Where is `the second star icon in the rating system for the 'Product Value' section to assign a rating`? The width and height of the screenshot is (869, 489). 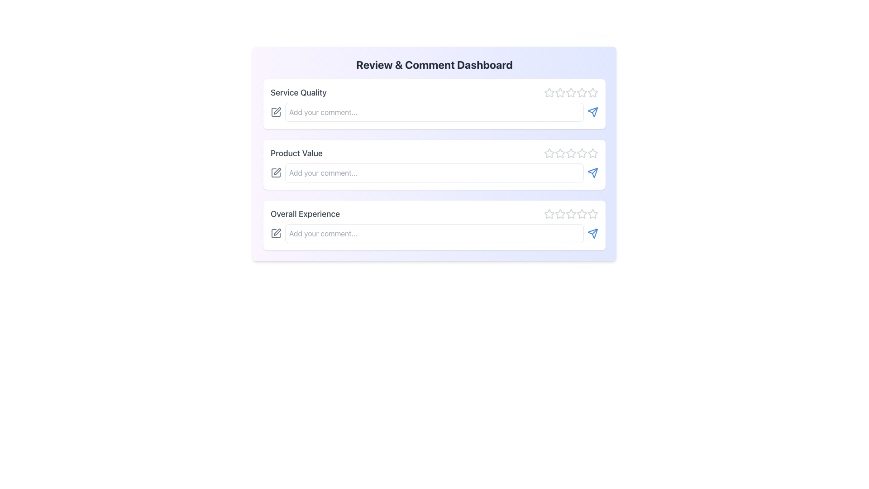 the second star icon in the rating system for the 'Product Value' section to assign a rating is located at coordinates (560, 153).